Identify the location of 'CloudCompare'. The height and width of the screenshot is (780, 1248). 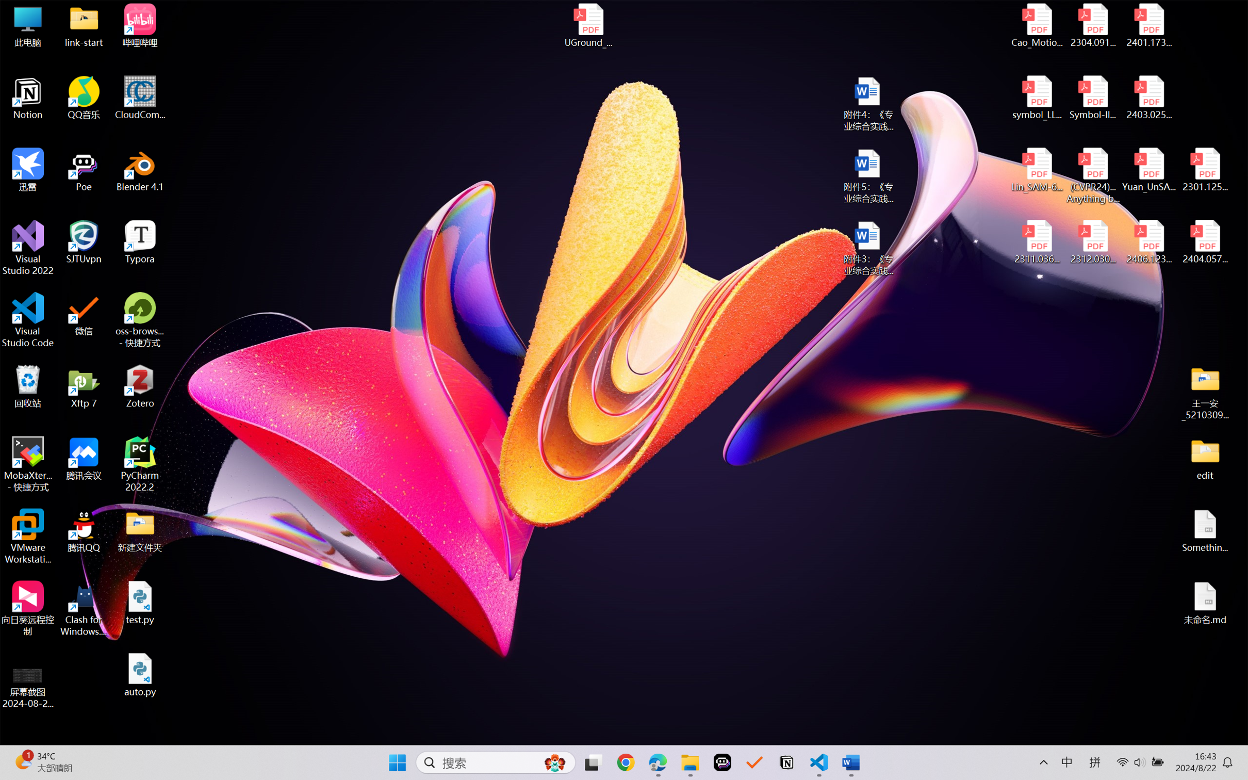
(140, 98).